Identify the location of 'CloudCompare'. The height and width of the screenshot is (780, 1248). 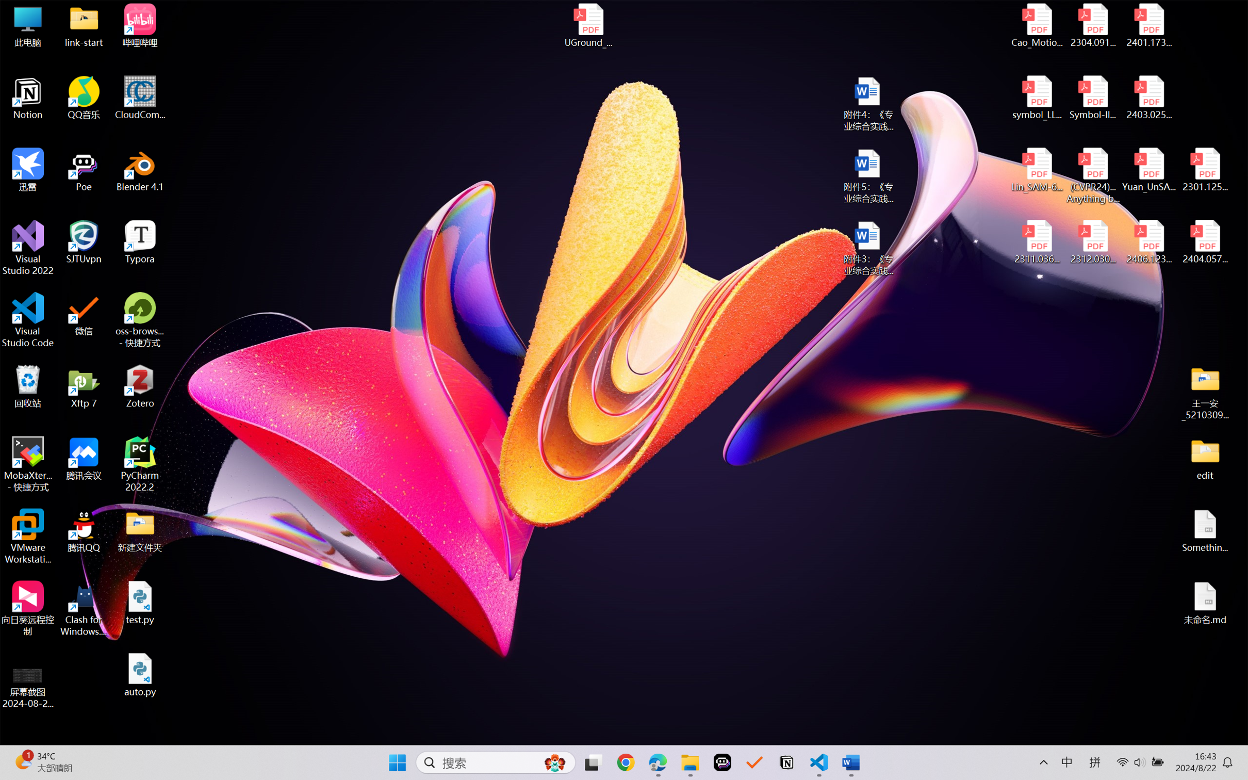
(140, 98).